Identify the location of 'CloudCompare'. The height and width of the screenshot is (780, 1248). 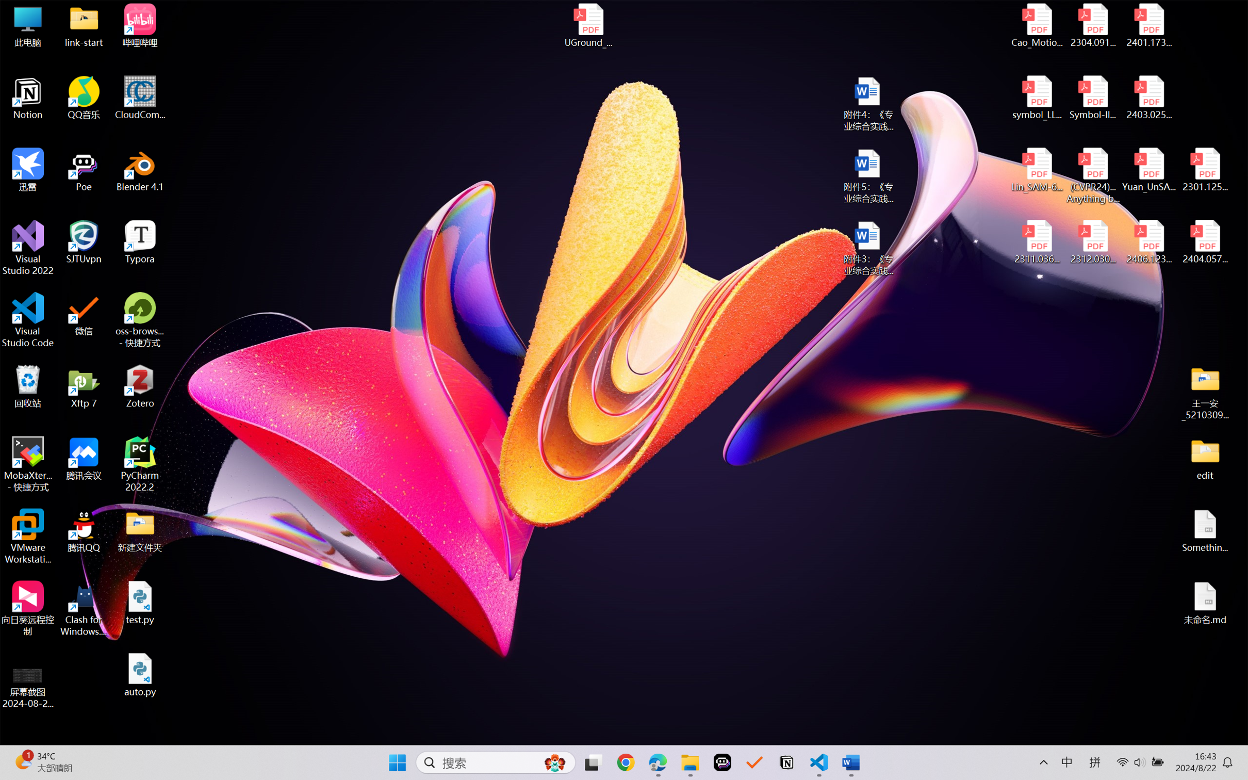
(140, 98).